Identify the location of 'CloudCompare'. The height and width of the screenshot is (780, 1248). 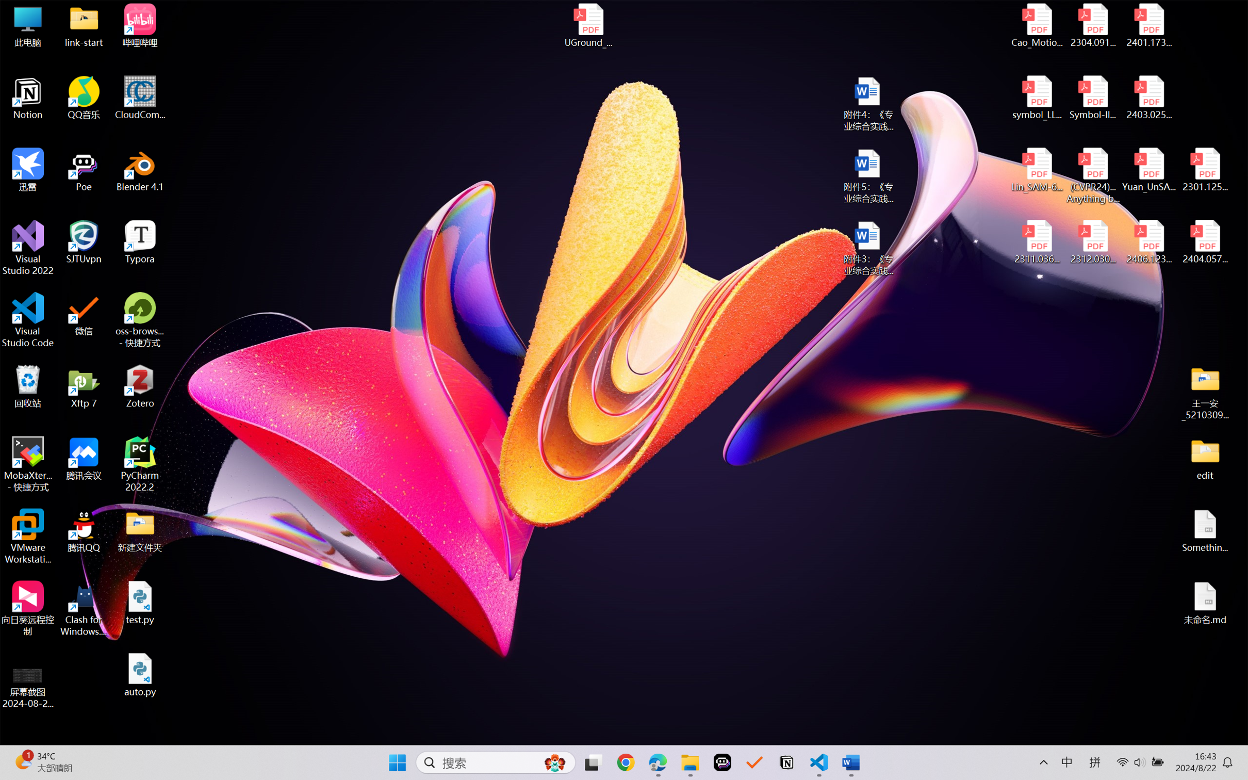
(140, 98).